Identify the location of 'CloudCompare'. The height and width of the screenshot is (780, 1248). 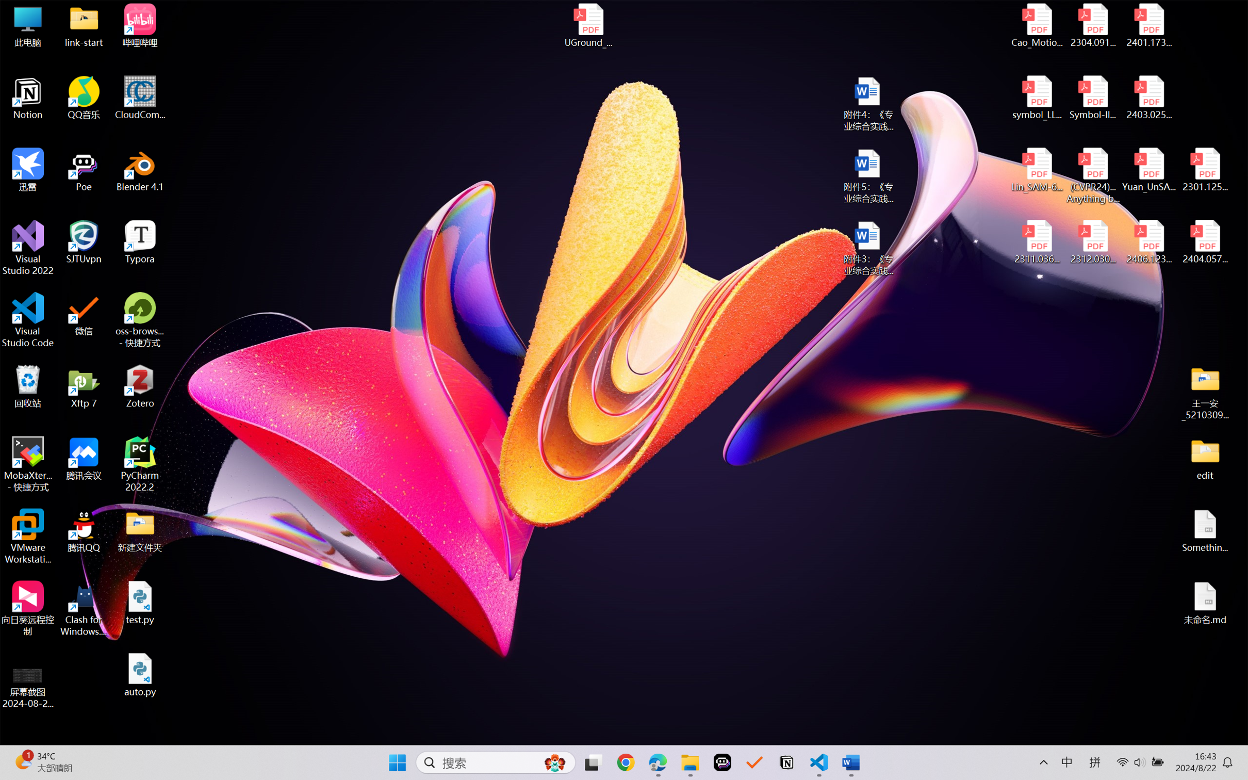
(140, 98).